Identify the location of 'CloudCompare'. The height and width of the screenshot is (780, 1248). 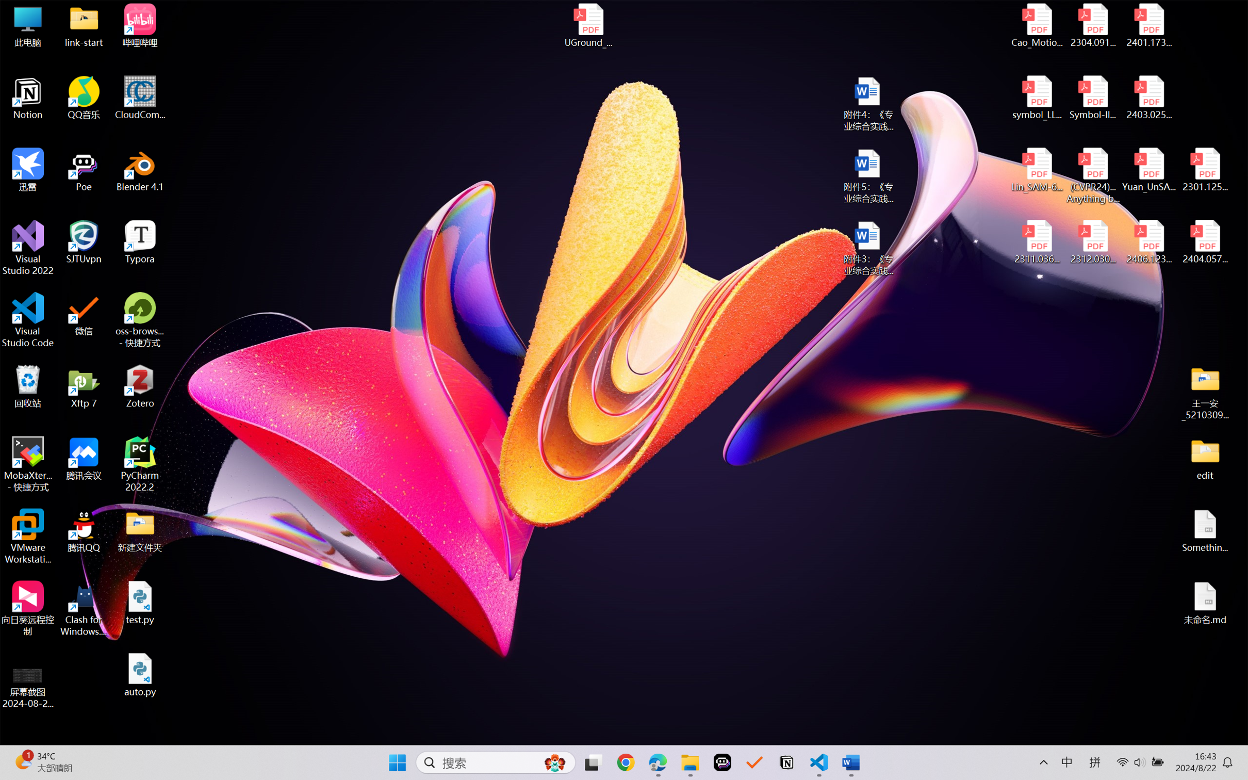
(140, 98).